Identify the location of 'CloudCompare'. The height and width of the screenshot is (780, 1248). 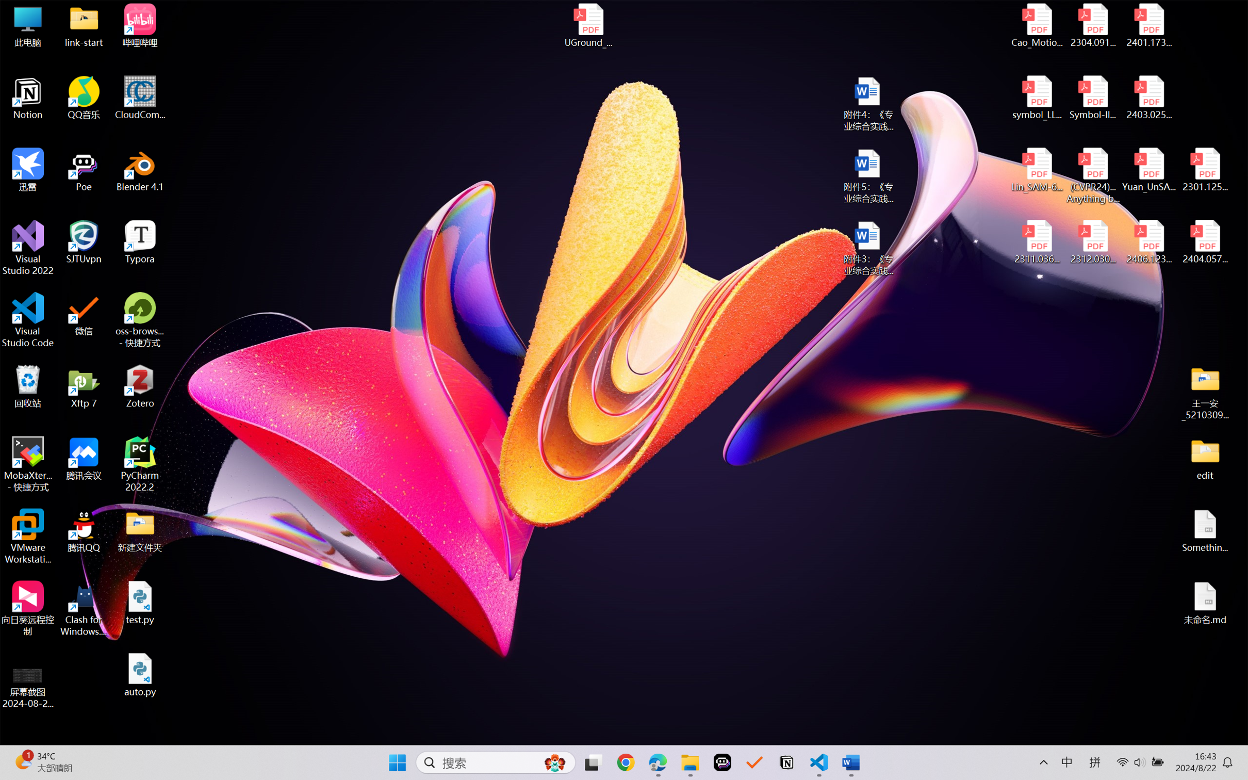
(140, 98).